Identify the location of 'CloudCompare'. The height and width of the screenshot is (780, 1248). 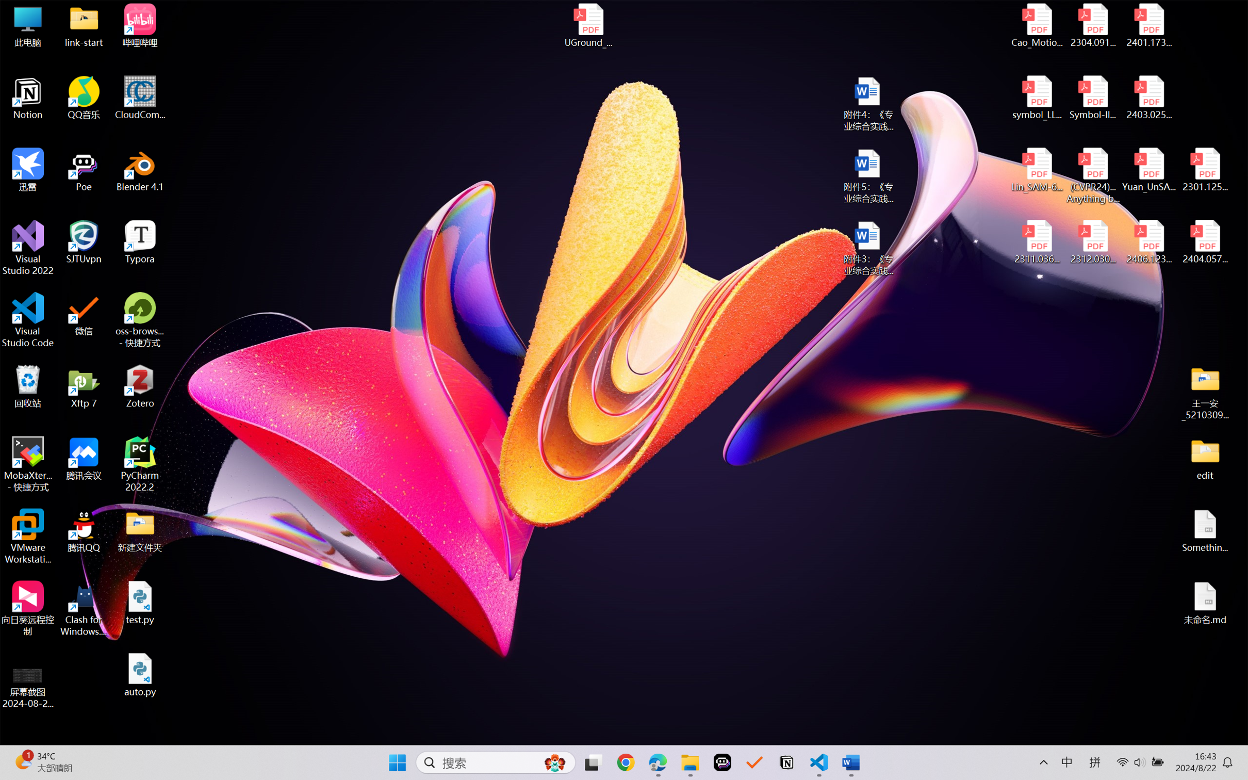
(140, 98).